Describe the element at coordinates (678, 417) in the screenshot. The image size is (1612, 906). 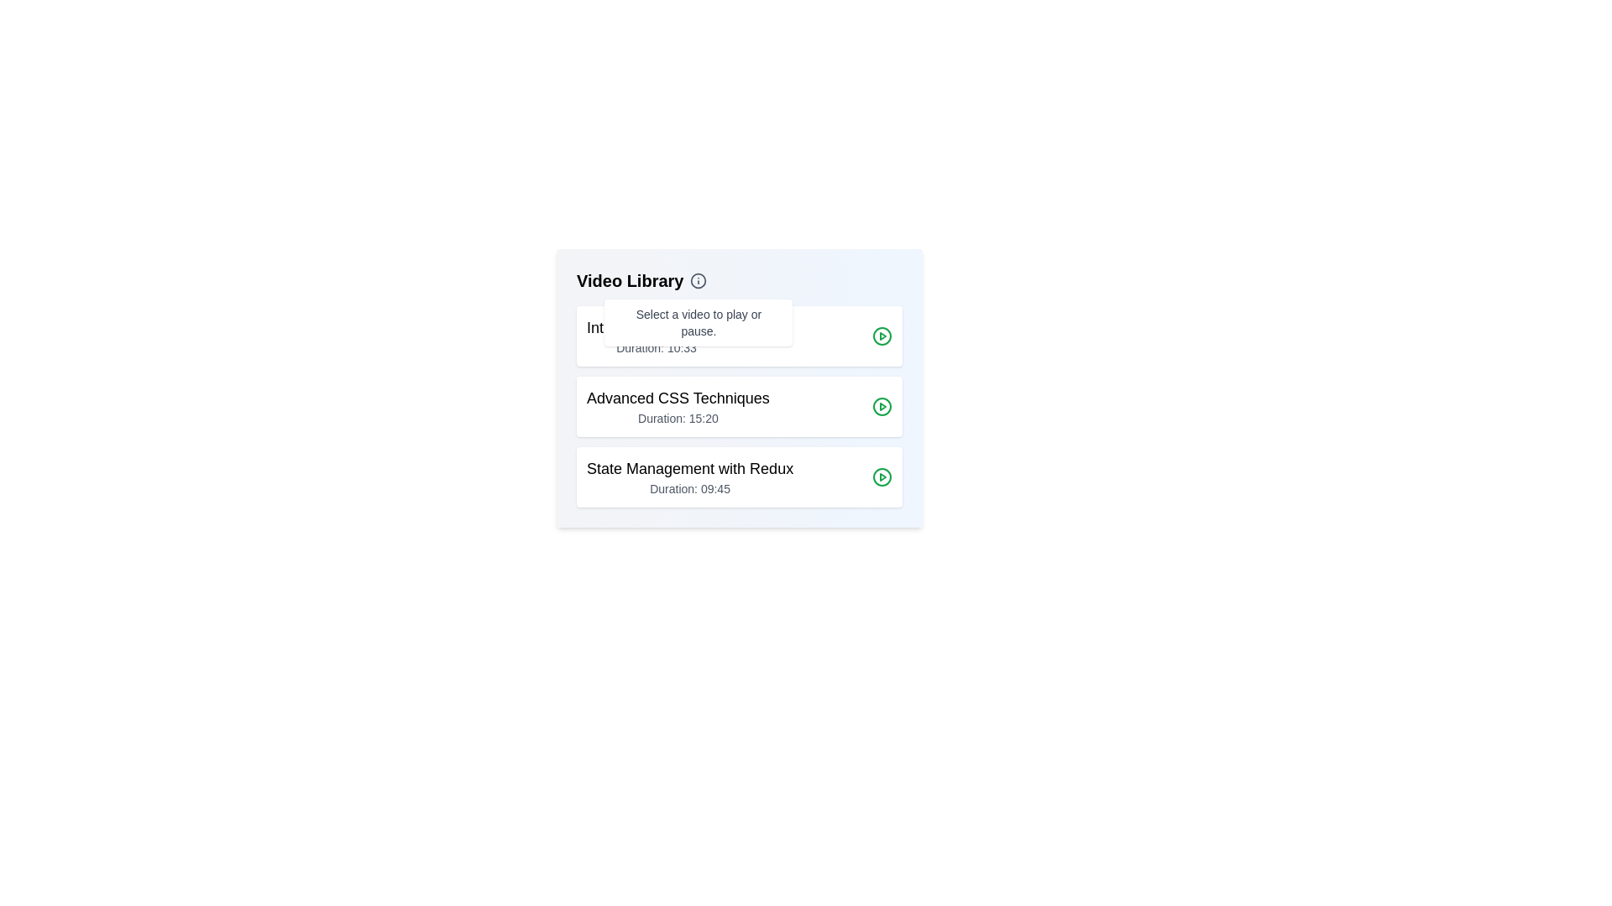
I see `the text label displaying the duration of the video titled 'Advanced CSS Techniques', which is positioned directly underneath the title within the card` at that location.